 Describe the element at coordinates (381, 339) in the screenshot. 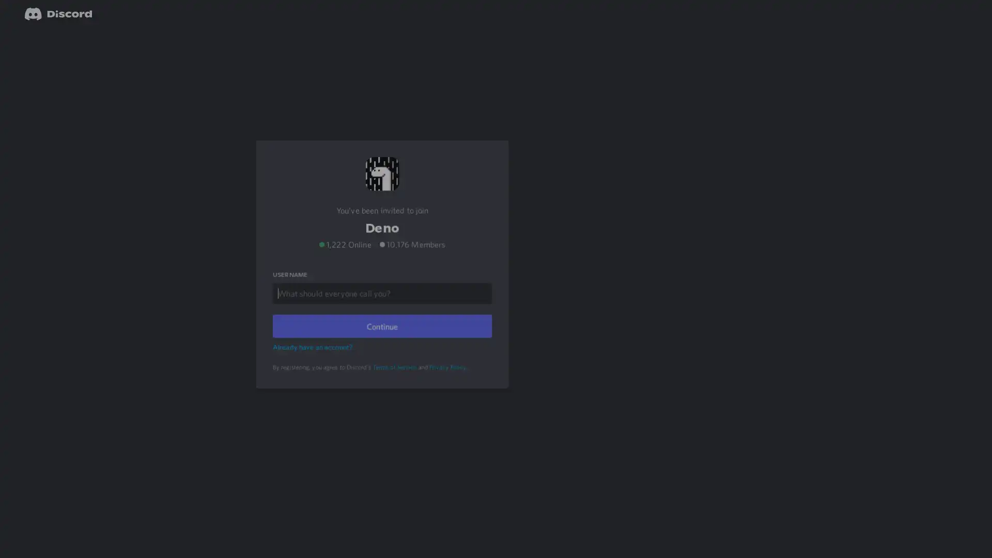

I see `Continue` at that location.